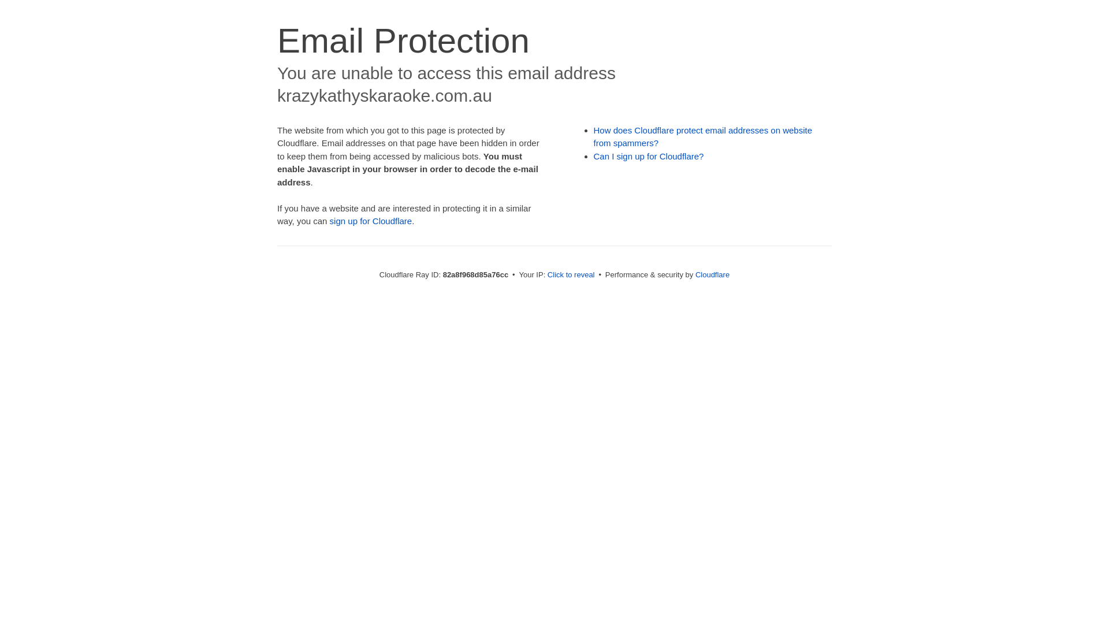 This screenshot has width=1109, height=624. What do you see at coordinates (649, 156) in the screenshot?
I see `'Can I sign up for Cloudflare?'` at bounding box center [649, 156].